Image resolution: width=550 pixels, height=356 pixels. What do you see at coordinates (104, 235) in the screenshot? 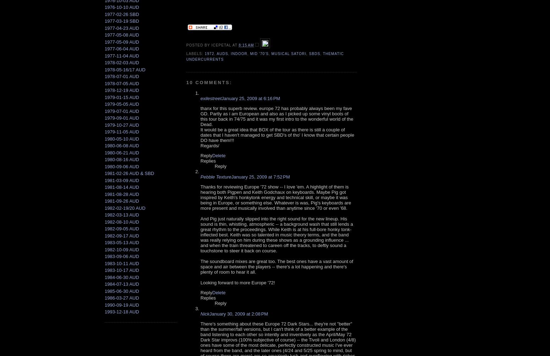
I see `'1982-09-17 AUD'` at bounding box center [104, 235].